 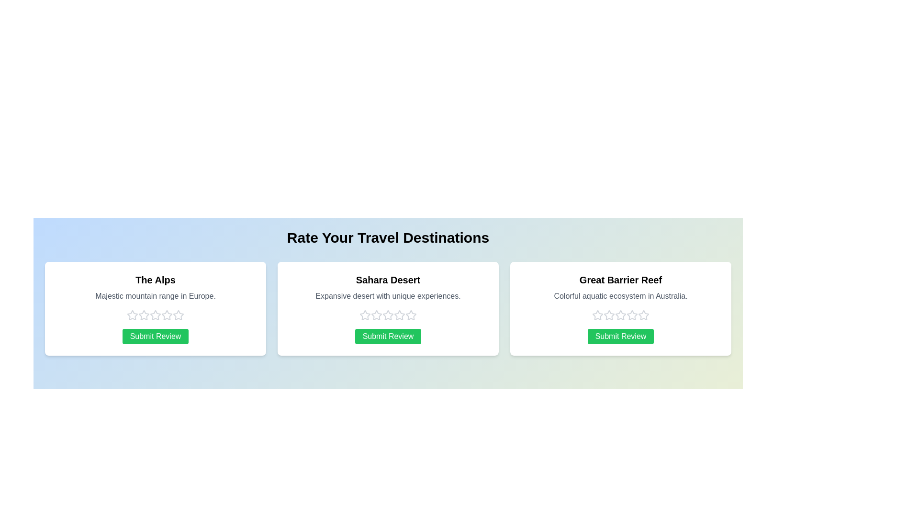 I want to click on the 'Submit Review' button for the selected destination Great Barrier Reef, so click(x=620, y=336).